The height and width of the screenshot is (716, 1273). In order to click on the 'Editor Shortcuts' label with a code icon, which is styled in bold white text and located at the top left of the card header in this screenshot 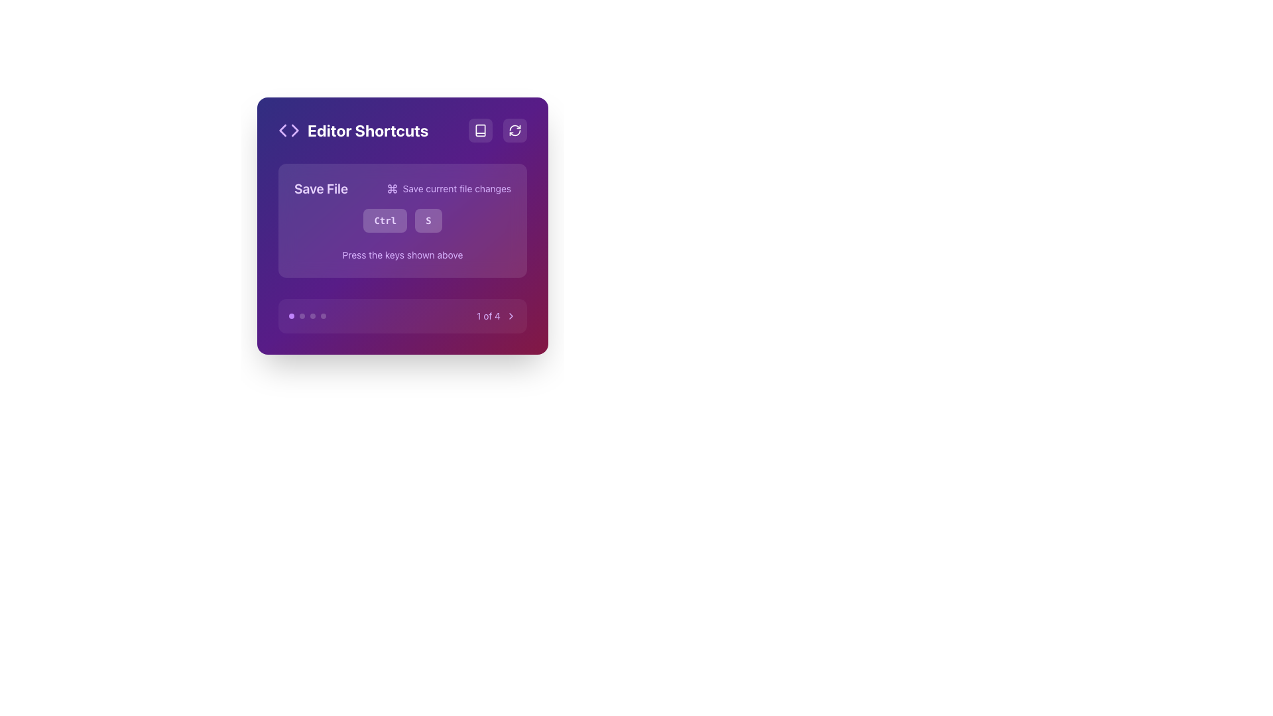, I will do `click(353, 130)`.